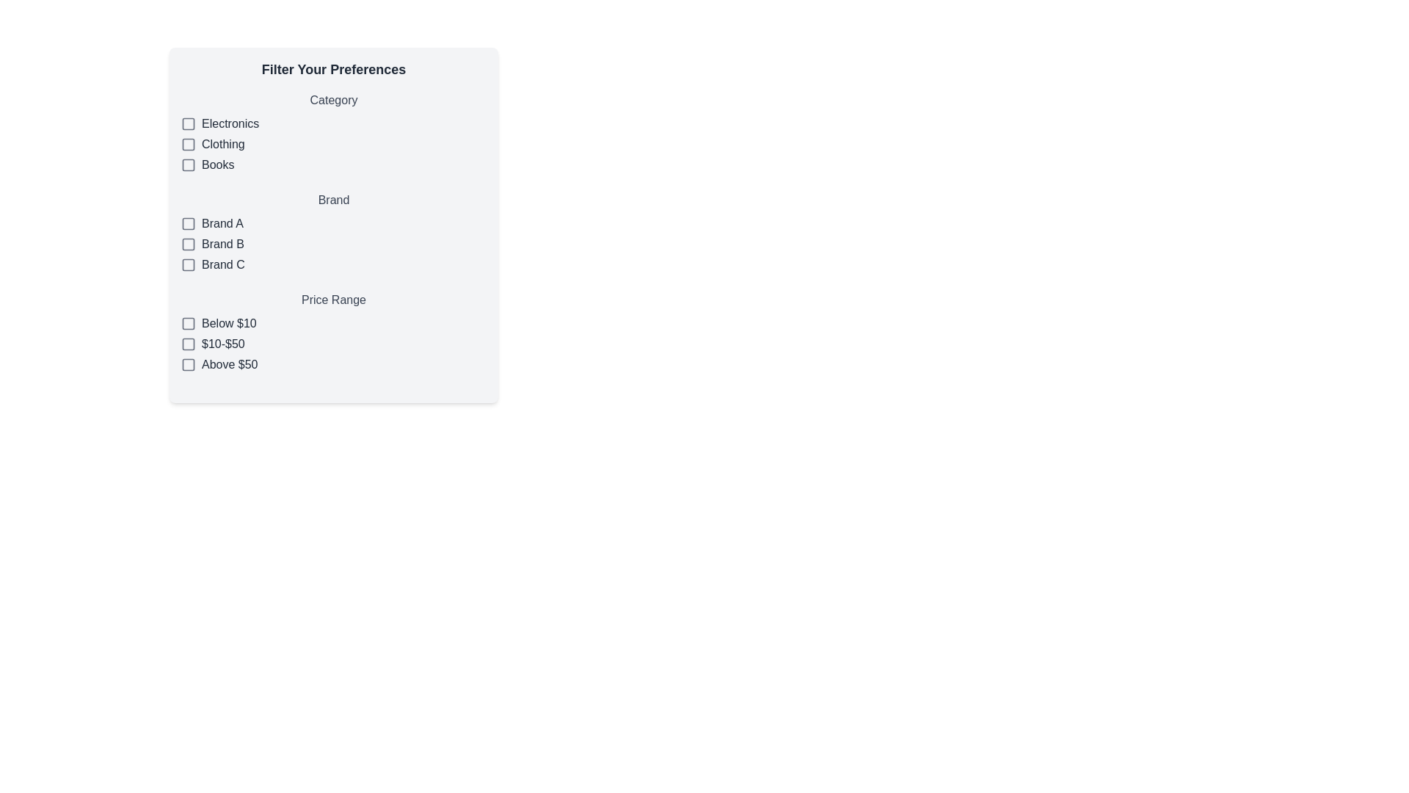 This screenshot has width=1409, height=793. I want to click on the 'Electronics' checkbox using keyboard navigation to focus on it for selection, so click(188, 123).